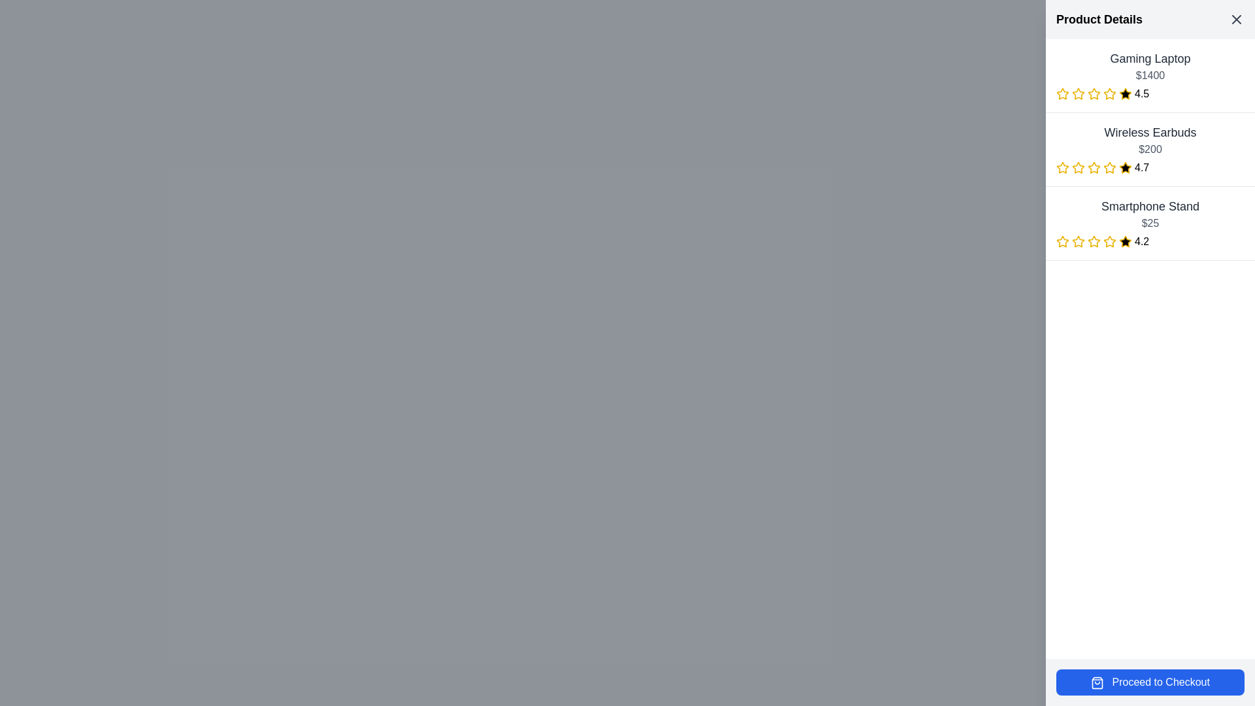  Describe the element at coordinates (1125, 167) in the screenshot. I see `the visual state of the fifth yellow filled star icon in the rating system for 'Wireless Earbuds' priced at $200, located in the second row of the product details section` at that location.